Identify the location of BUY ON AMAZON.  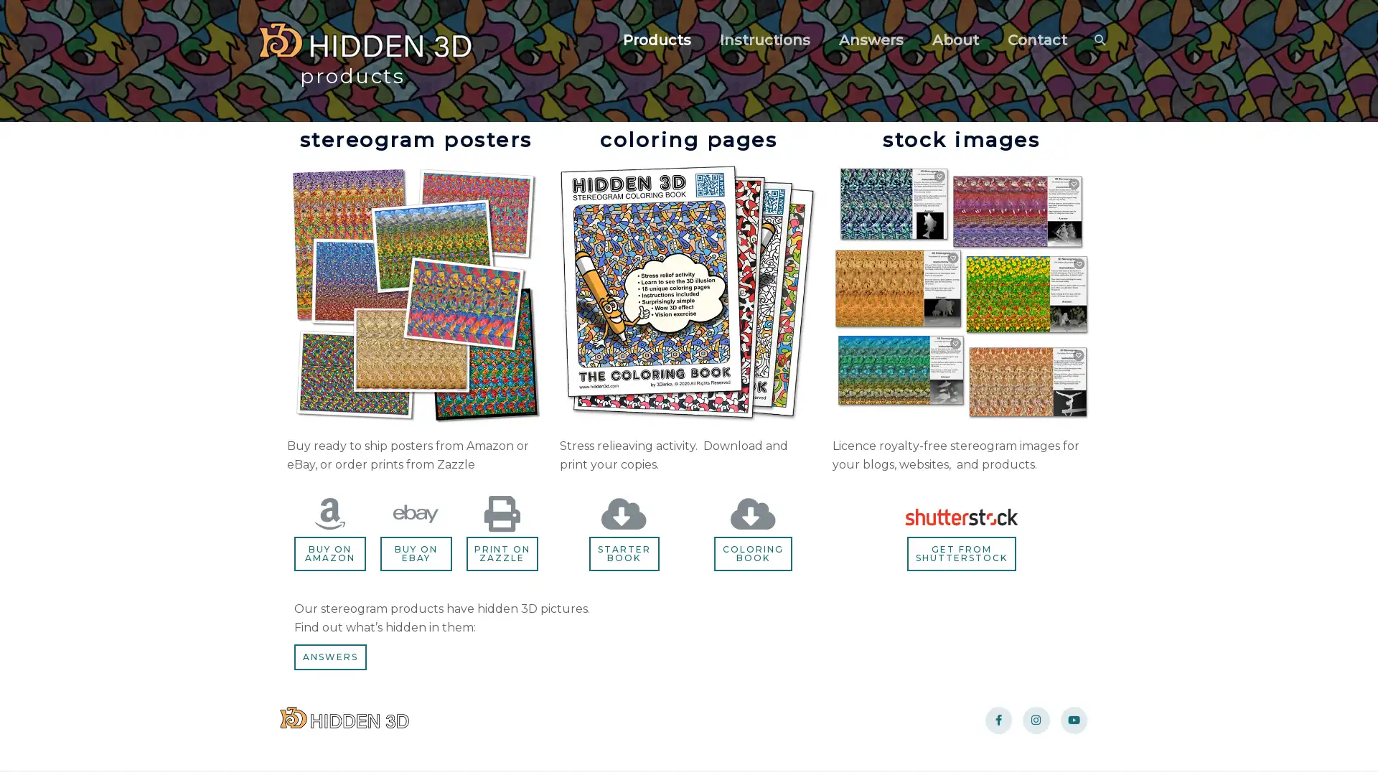
(329, 553).